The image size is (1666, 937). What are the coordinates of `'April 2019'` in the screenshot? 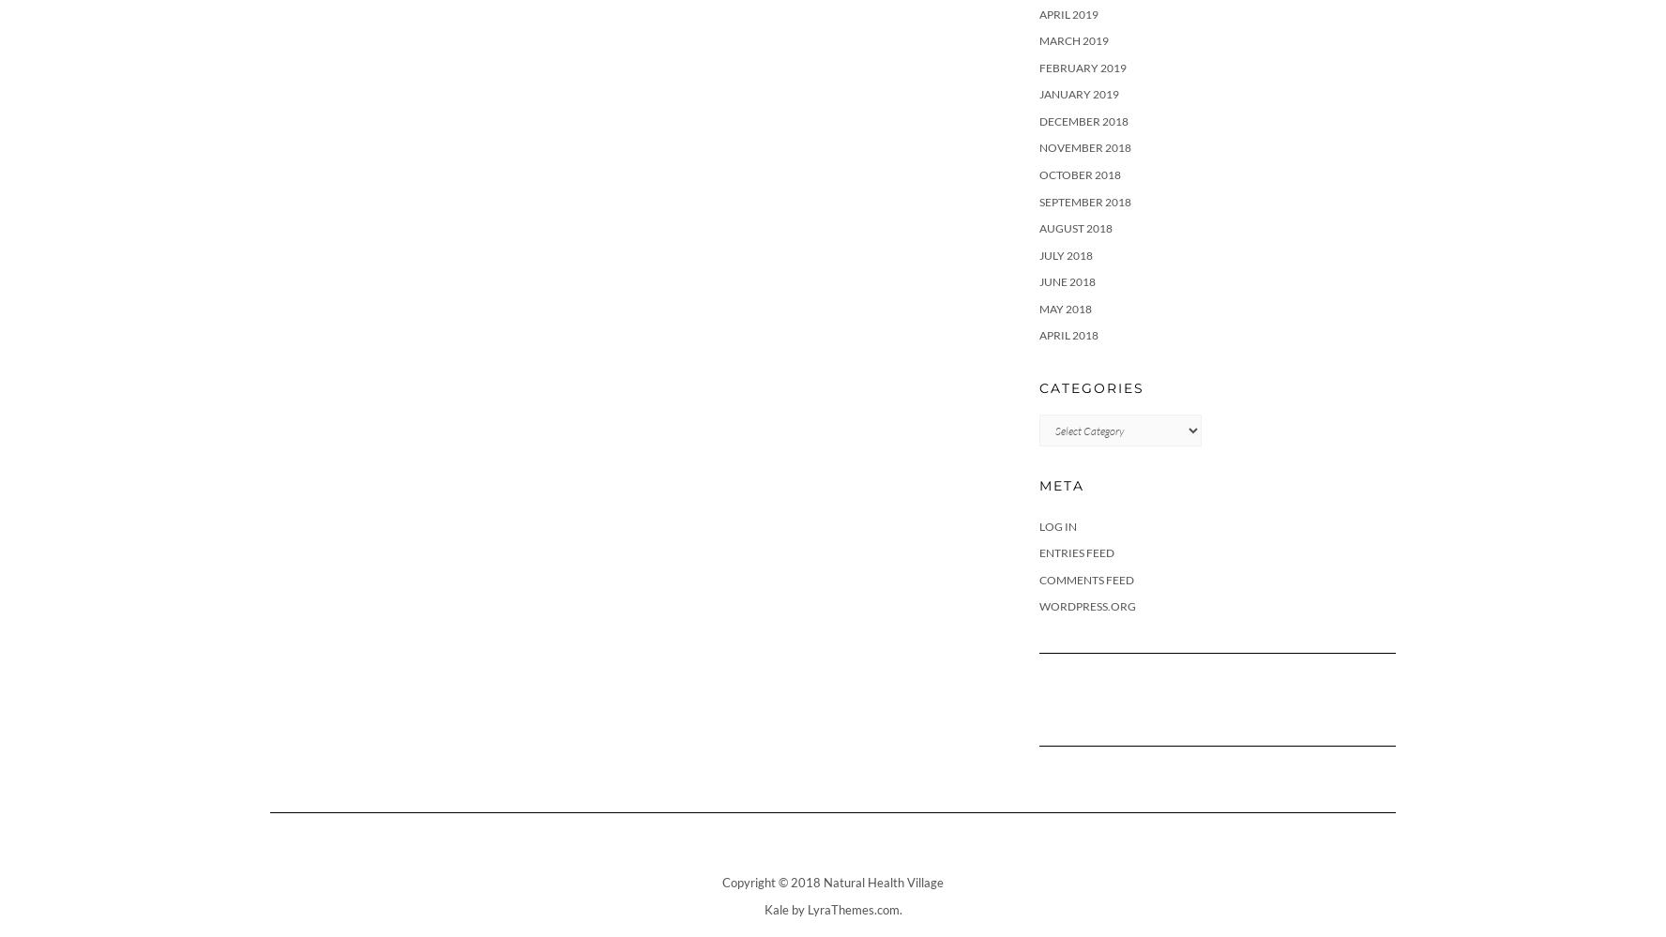 It's located at (1068, 13).